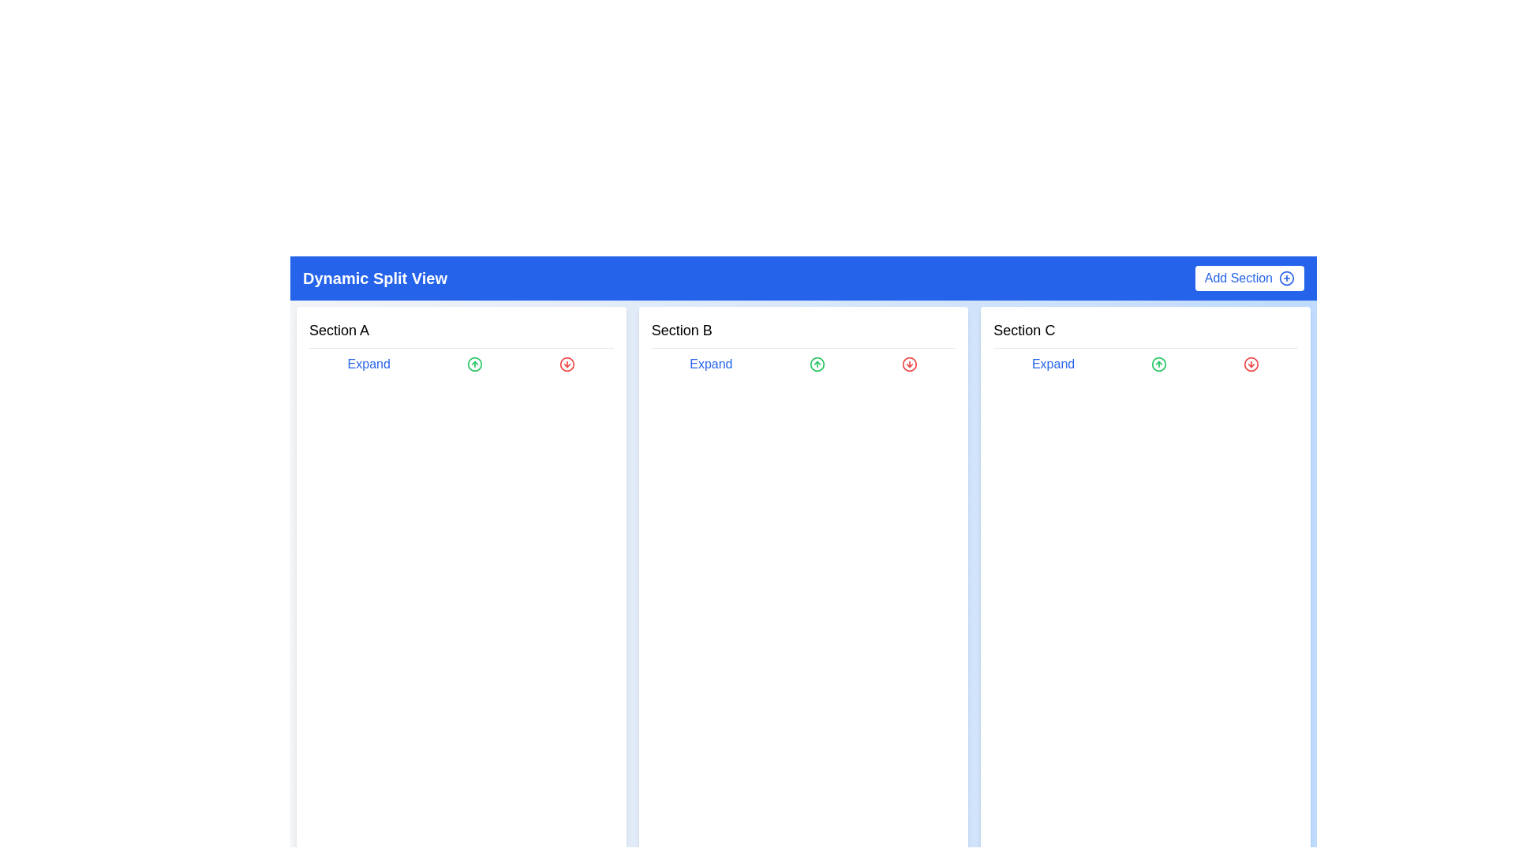  What do you see at coordinates (1145, 364) in the screenshot?
I see `the up-arrow icon within the UI group component located in 'Section C'` at bounding box center [1145, 364].